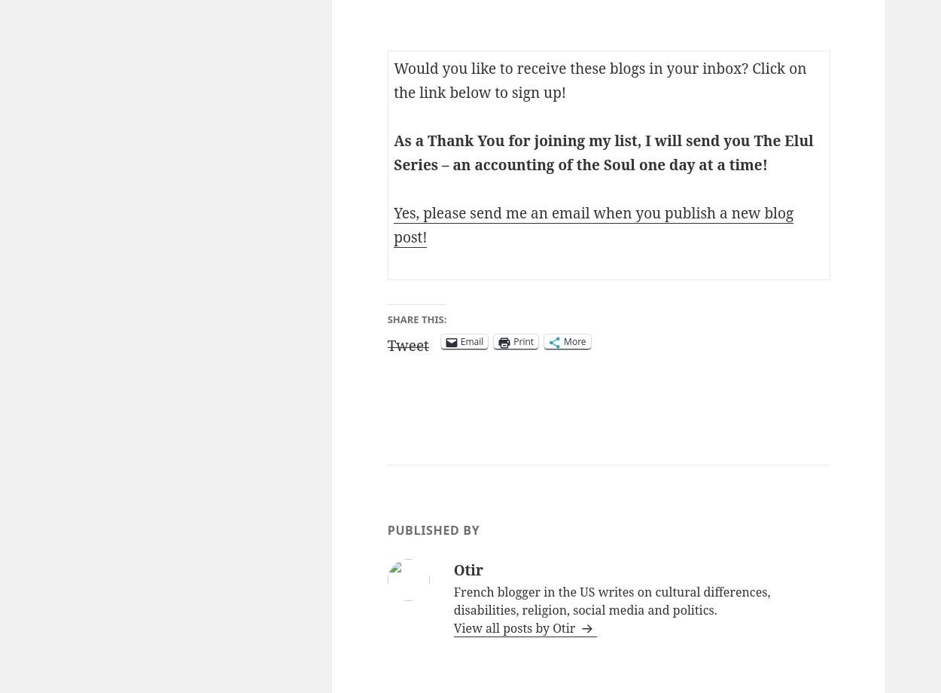 The image size is (941, 693). What do you see at coordinates (574, 340) in the screenshot?
I see `'More'` at bounding box center [574, 340].